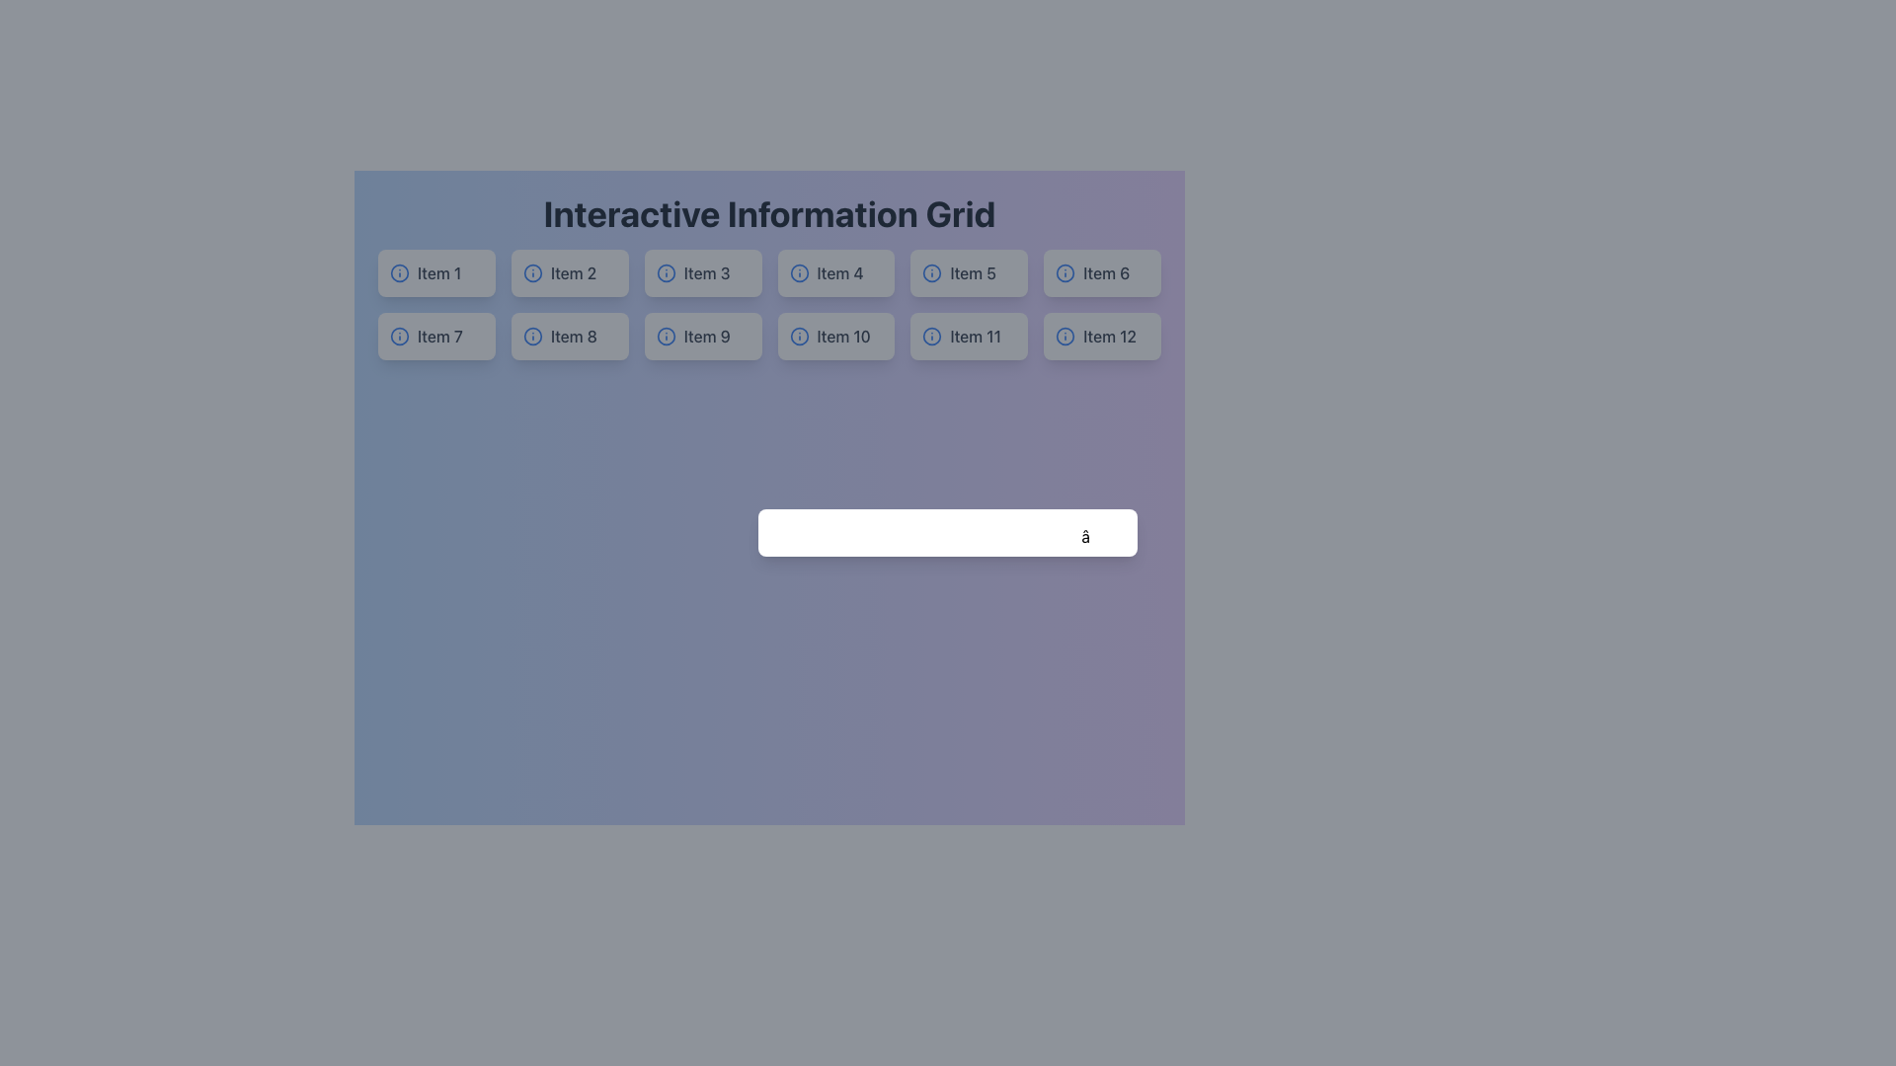 The height and width of the screenshot is (1066, 1896). I want to click on the button labeled 'Item 9' which is styled with a white background and a blue information icon, located in the second row, third column of the grid layout, so click(703, 335).